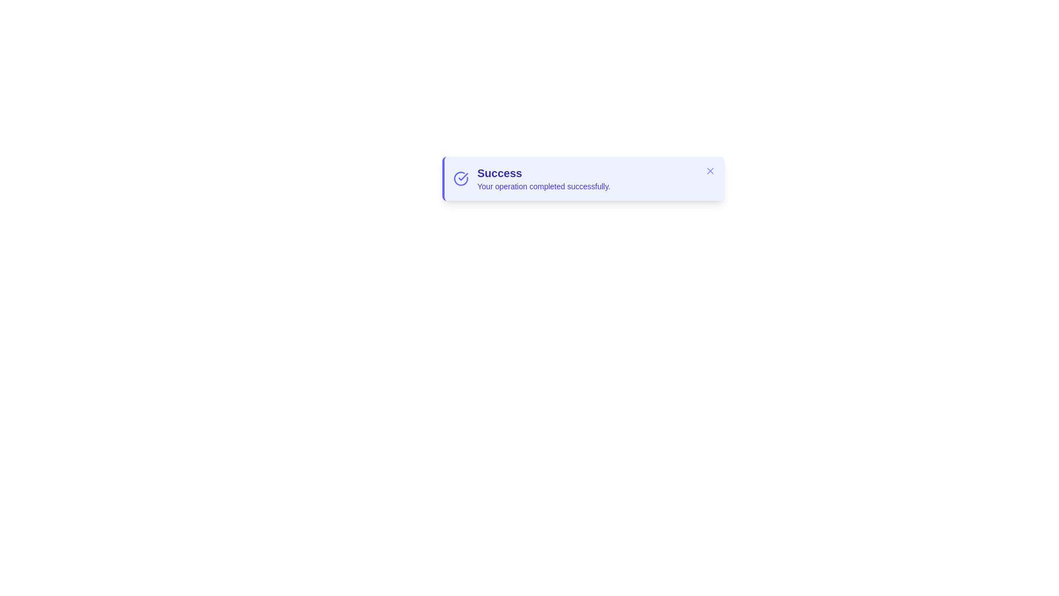 Image resolution: width=1059 pixels, height=596 pixels. What do you see at coordinates (582, 178) in the screenshot?
I see `the notification banner with a light indigo background that has a bold headline 'Success' and a dismissible 'X' icon on the right` at bounding box center [582, 178].